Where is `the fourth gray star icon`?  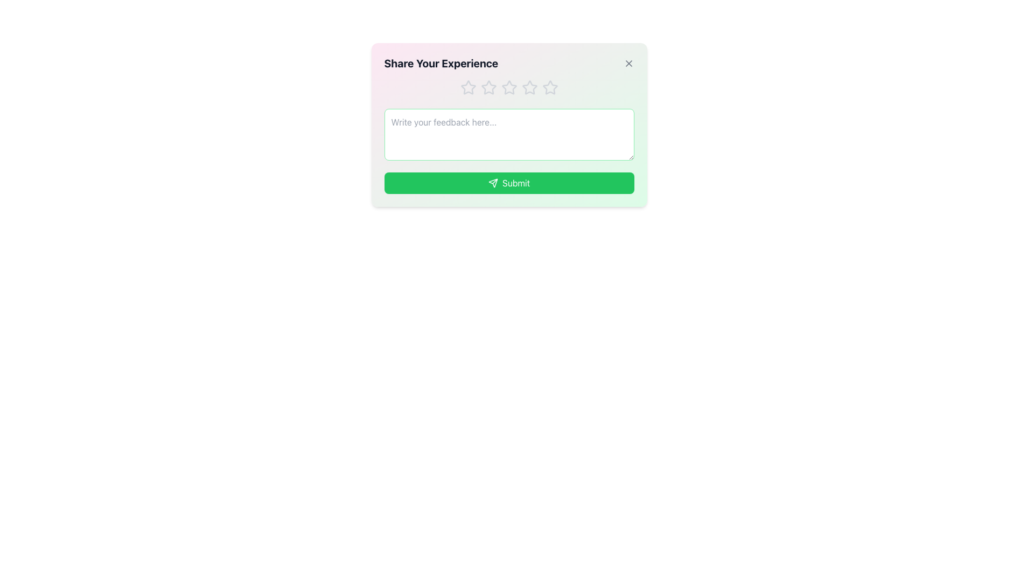
the fourth gray star icon is located at coordinates (529, 87).